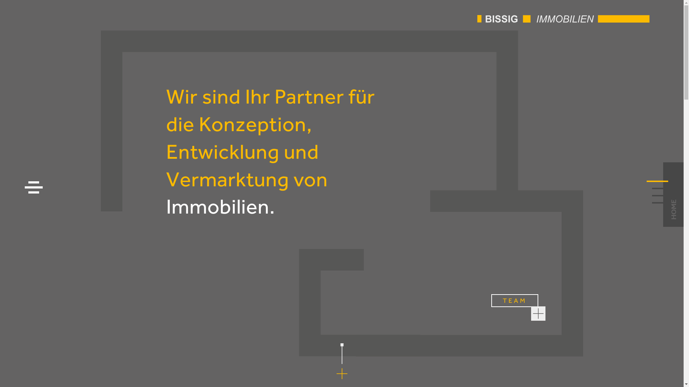 This screenshot has height=387, width=689. What do you see at coordinates (514, 301) in the screenshot?
I see `'TEAM'` at bounding box center [514, 301].